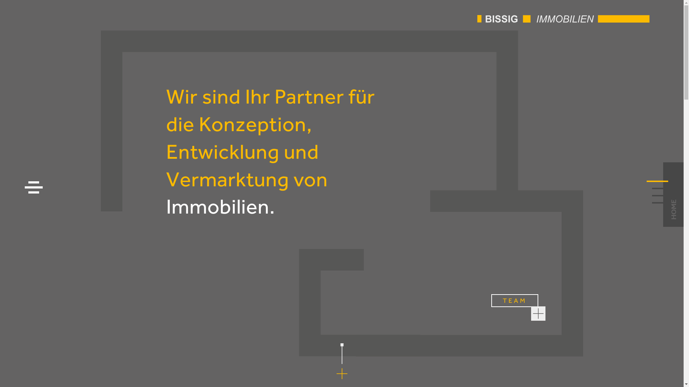 This screenshot has height=387, width=689. What do you see at coordinates (514, 301) in the screenshot?
I see `'TEAM'` at bounding box center [514, 301].